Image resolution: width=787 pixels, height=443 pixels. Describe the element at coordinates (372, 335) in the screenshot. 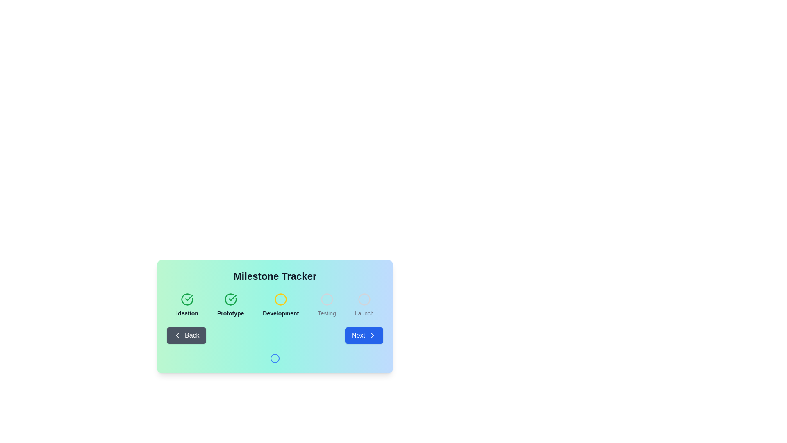

I see `the rightward chevron icon inside the 'Next' button, located in the bottom-right of the 'Milestone Tracker' card interface` at that location.